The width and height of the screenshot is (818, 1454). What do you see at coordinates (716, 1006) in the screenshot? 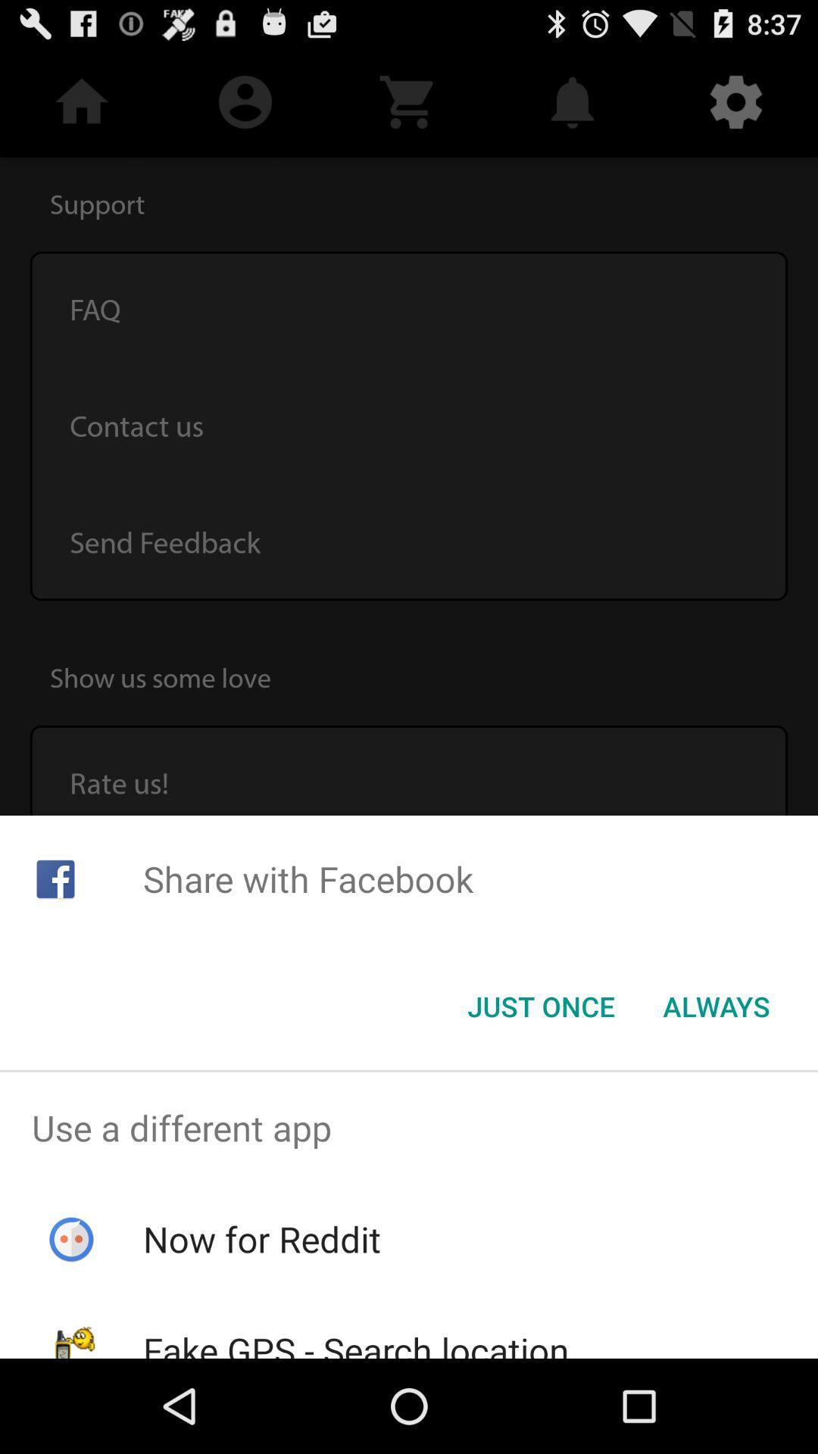
I see `item next to just once item` at bounding box center [716, 1006].